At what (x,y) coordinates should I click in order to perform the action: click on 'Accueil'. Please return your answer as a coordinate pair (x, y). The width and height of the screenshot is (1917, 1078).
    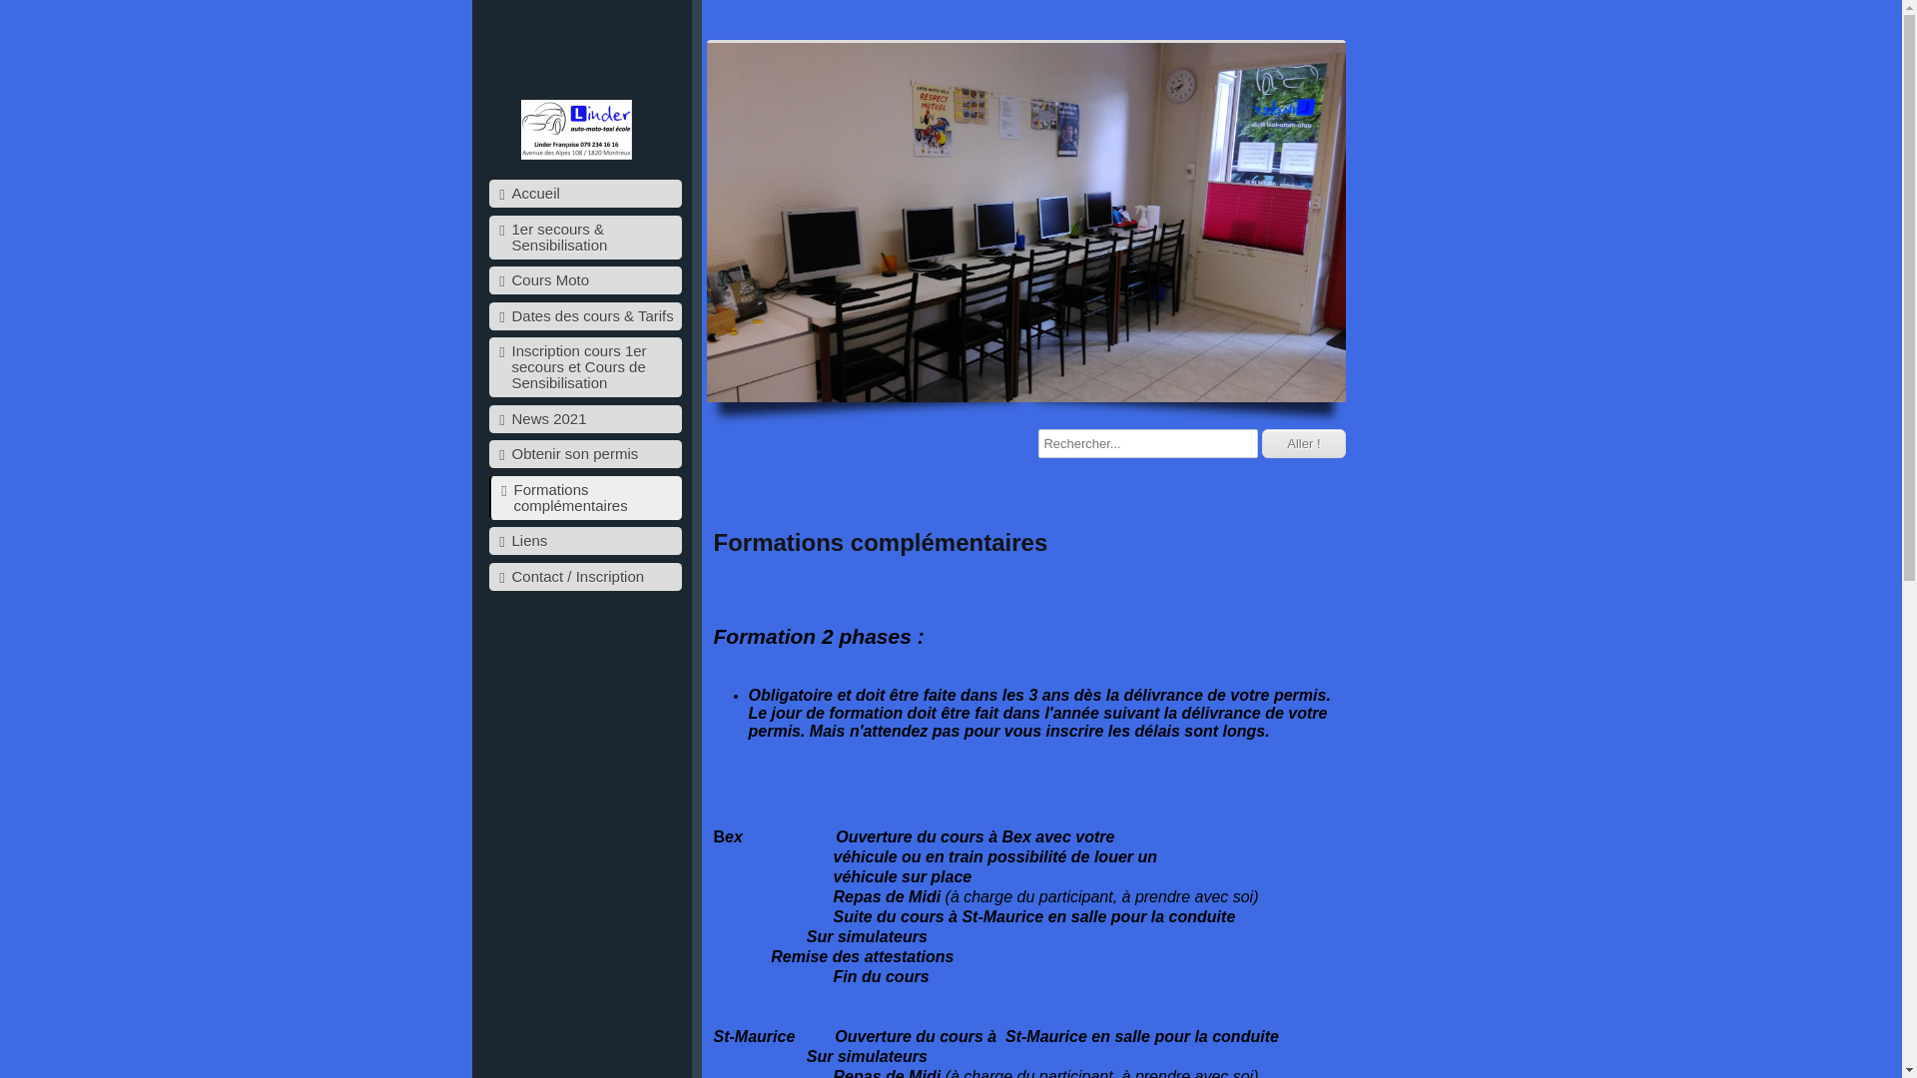
    Looking at the image, I should click on (584, 193).